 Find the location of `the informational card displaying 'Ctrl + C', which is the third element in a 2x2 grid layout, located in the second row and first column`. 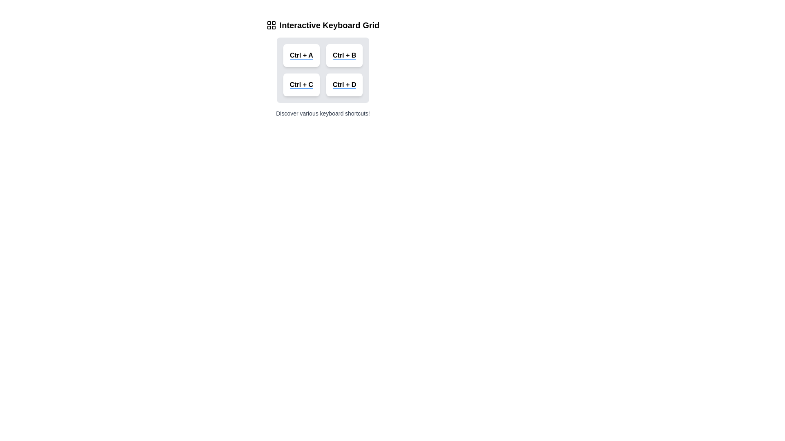

the informational card displaying 'Ctrl + C', which is the third element in a 2x2 grid layout, located in the second row and first column is located at coordinates (301, 85).